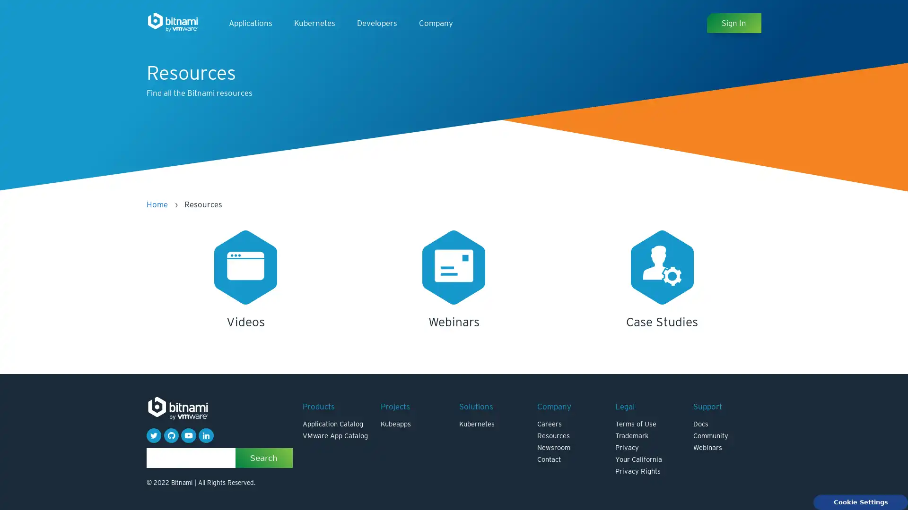 This screenshot has width=908, height=510. What do you see at coordinates (264, 457) in the screenshot?
I see `Search` at bounding box center [264, 457].